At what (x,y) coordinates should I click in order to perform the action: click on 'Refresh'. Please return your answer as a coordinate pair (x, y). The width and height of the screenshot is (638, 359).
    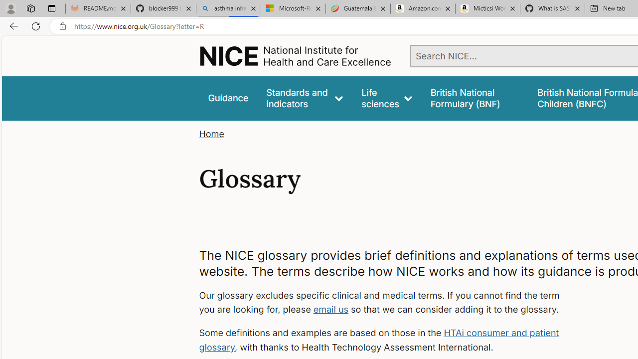
    Looking at the image, I should click on (36, 25).